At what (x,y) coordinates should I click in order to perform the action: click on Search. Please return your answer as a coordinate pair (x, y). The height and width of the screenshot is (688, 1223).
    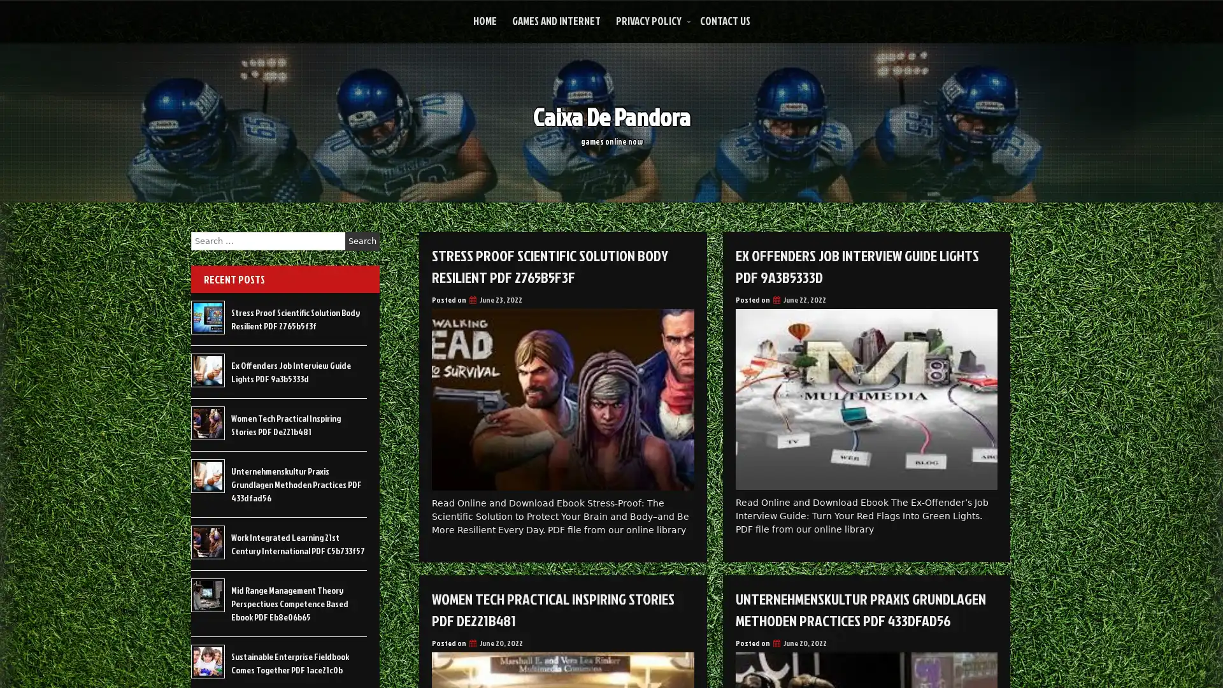
    Looking at the image, I should click on (362, 241).